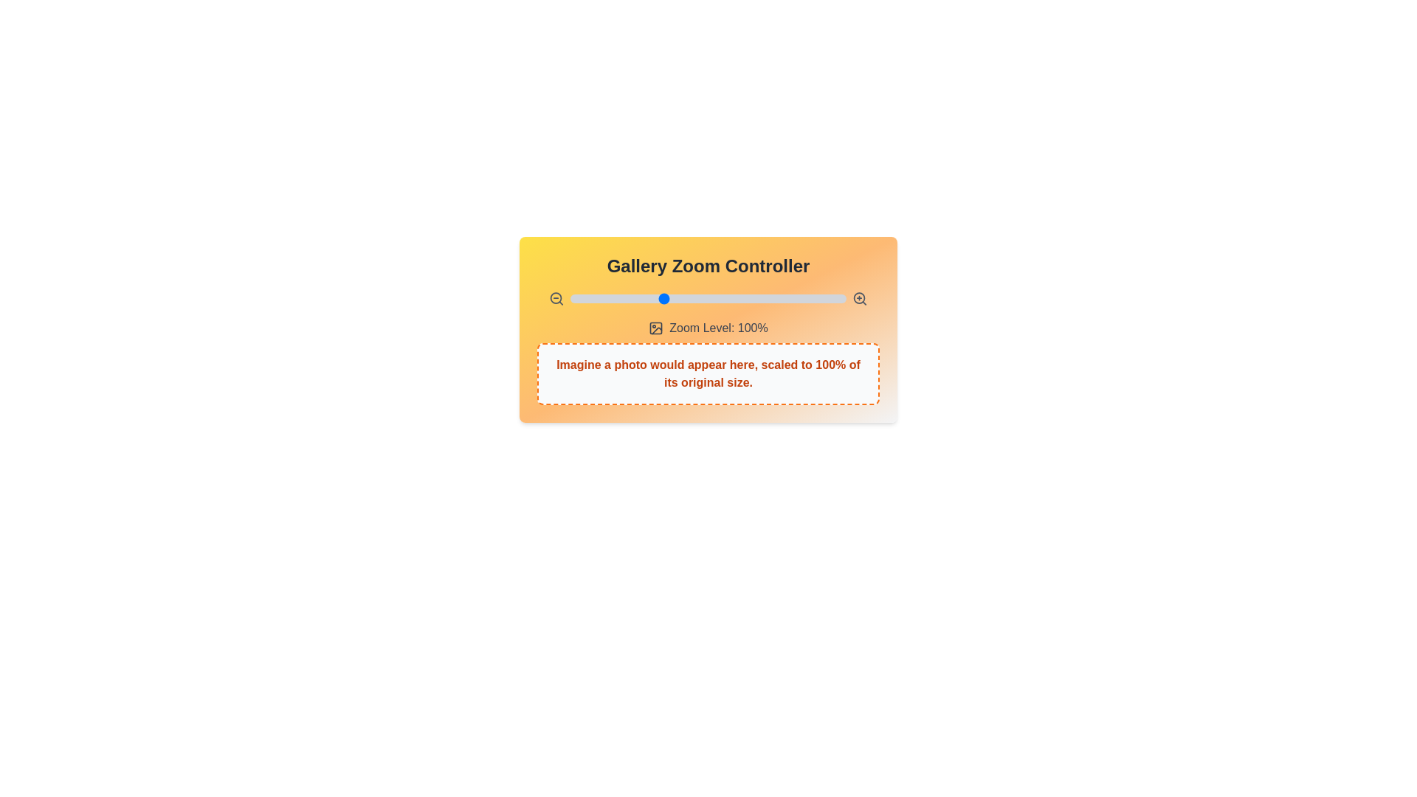  Describe the element at coordinates (652, 299) in the screenshot. I see `the zoom level to 95% by interacting with the slider` at that location.